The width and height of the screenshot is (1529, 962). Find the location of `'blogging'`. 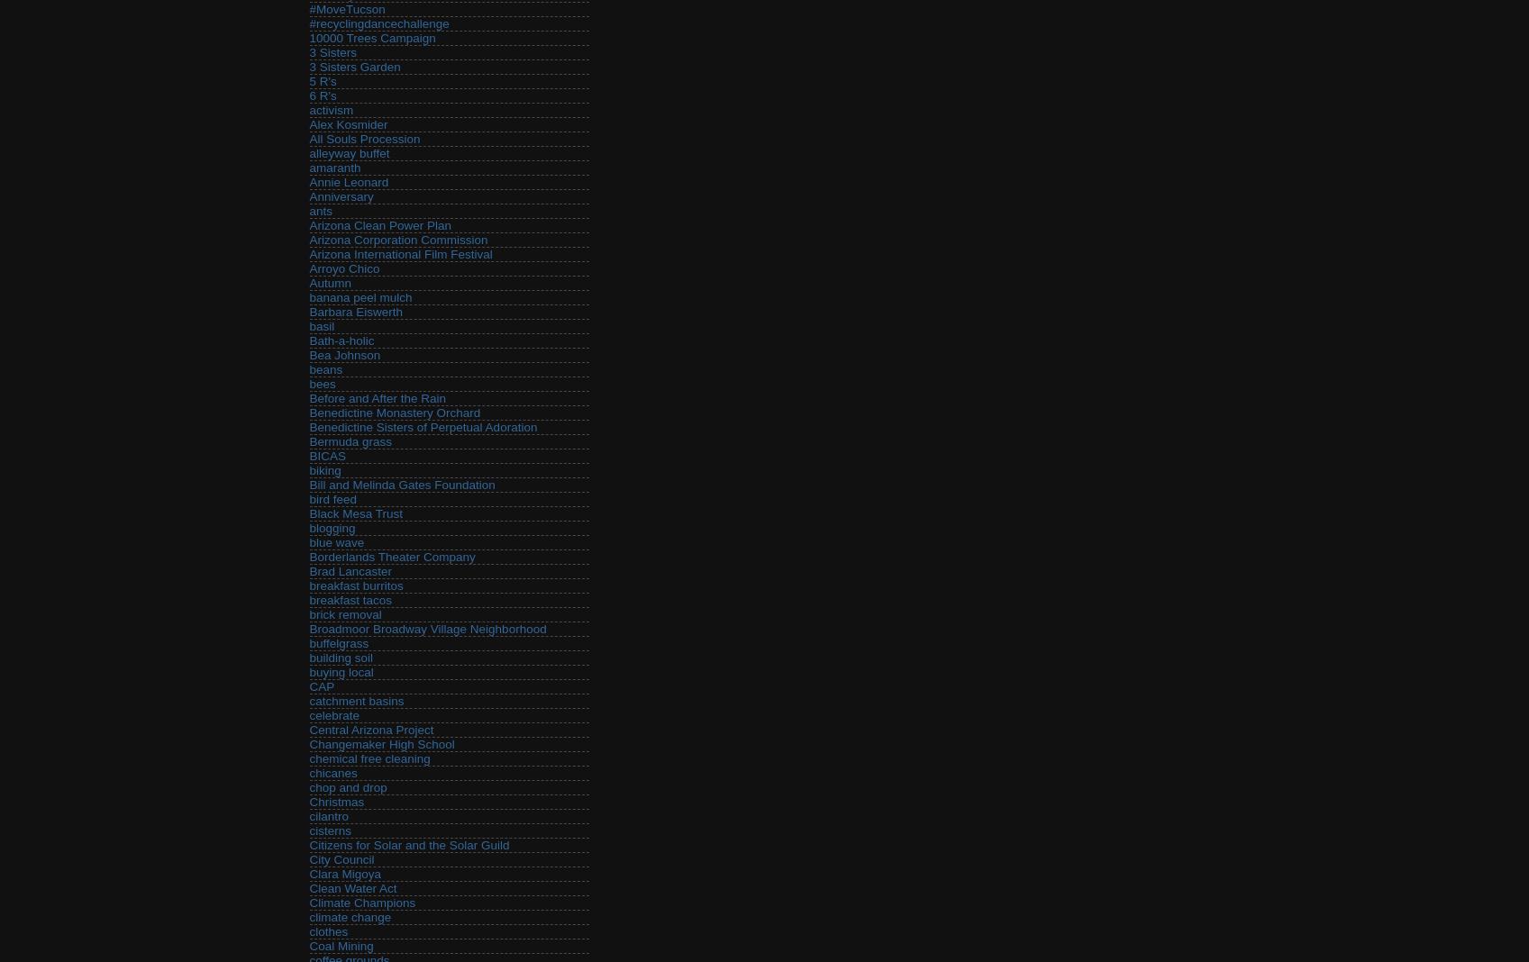

'blogging' is located at coordinates (332, 527).